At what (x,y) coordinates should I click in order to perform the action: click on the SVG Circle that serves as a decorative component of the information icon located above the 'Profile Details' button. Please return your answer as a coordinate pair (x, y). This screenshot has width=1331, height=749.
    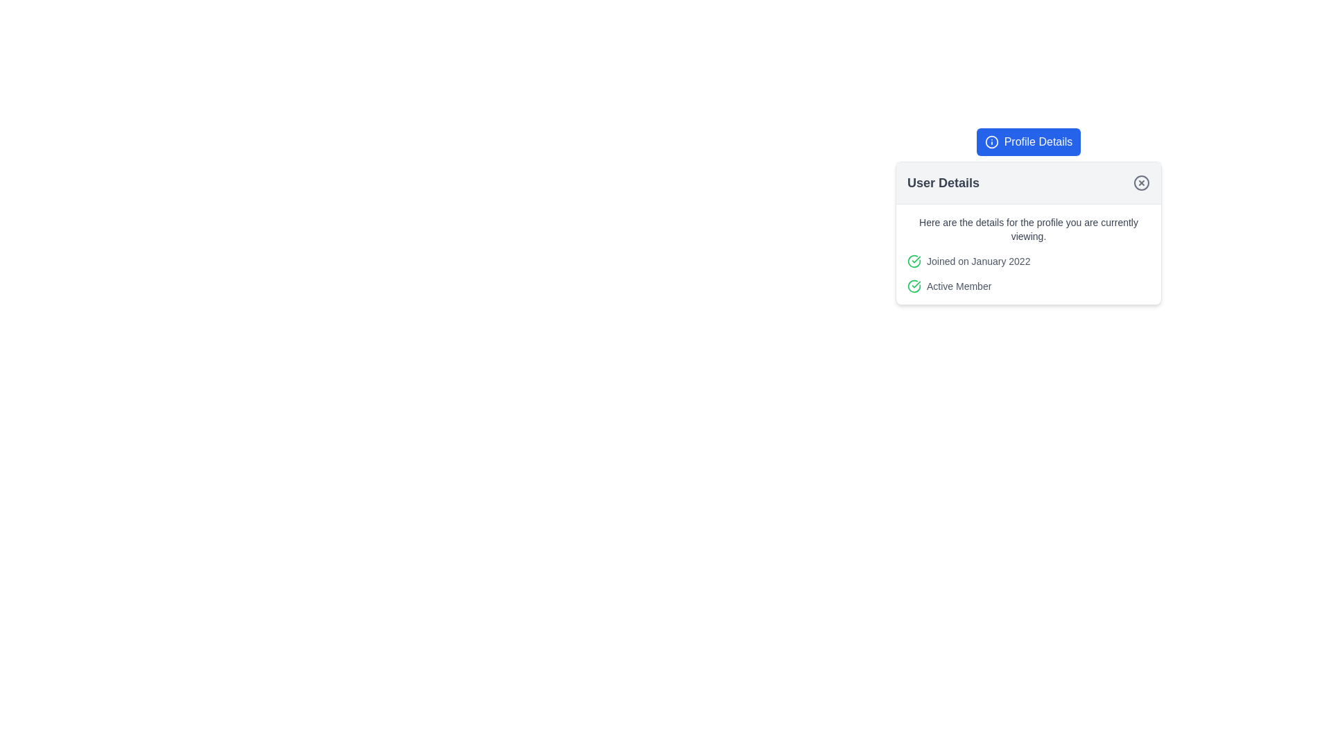
    Looking at the image, I should click on (991, 141).